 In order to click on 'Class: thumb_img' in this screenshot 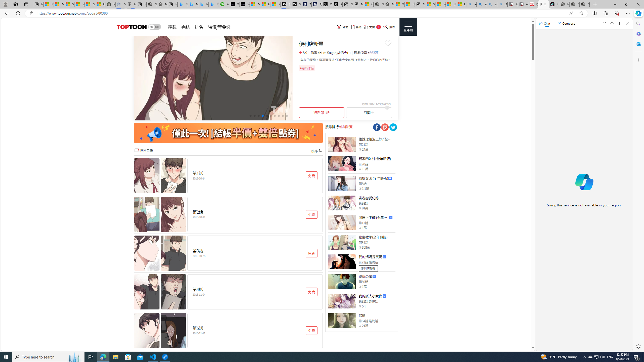, I will do `click(341, 321)`.